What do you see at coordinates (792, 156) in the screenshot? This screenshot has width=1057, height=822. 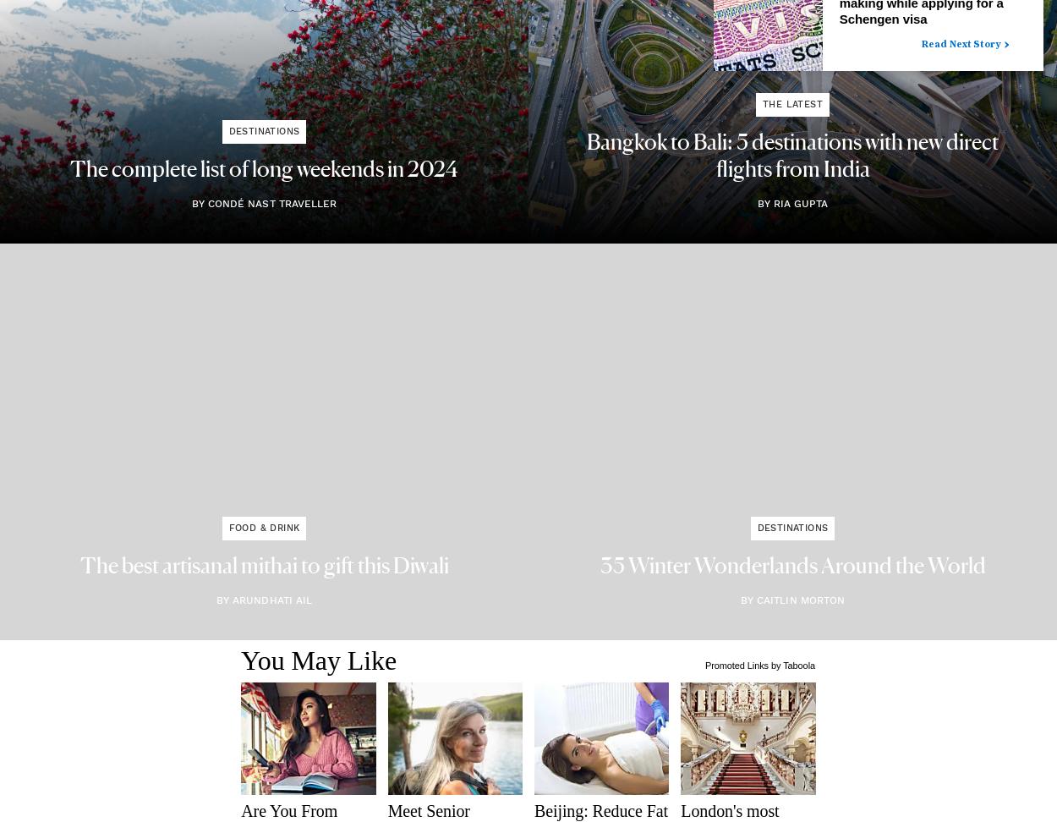 I see `'Bangkok to Bali: 5 destinations with new direct flights from India'` at bounding box center [792, 156].